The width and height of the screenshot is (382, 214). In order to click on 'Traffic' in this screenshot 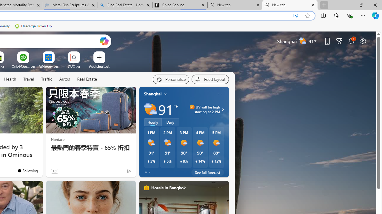, I will do `click(46, 79)`.